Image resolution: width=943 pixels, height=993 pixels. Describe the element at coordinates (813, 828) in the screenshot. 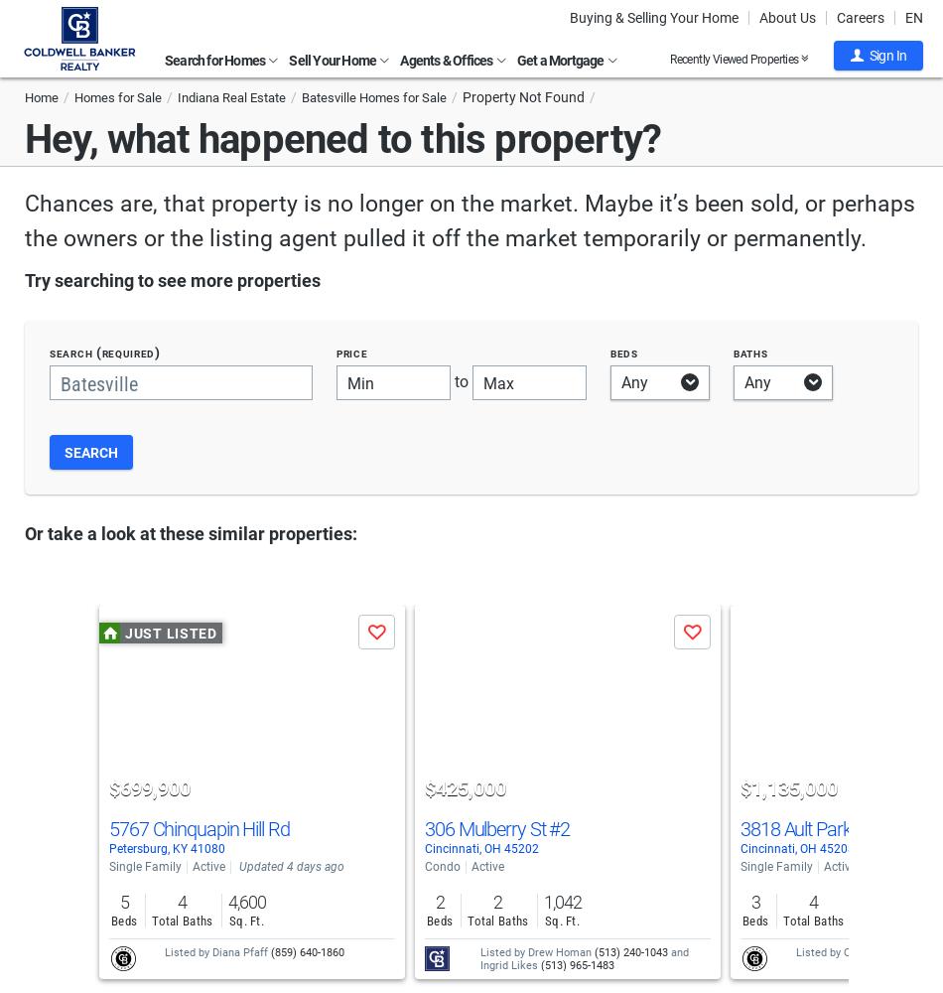

I see `'3818 Ault Park Ave'` at that location.